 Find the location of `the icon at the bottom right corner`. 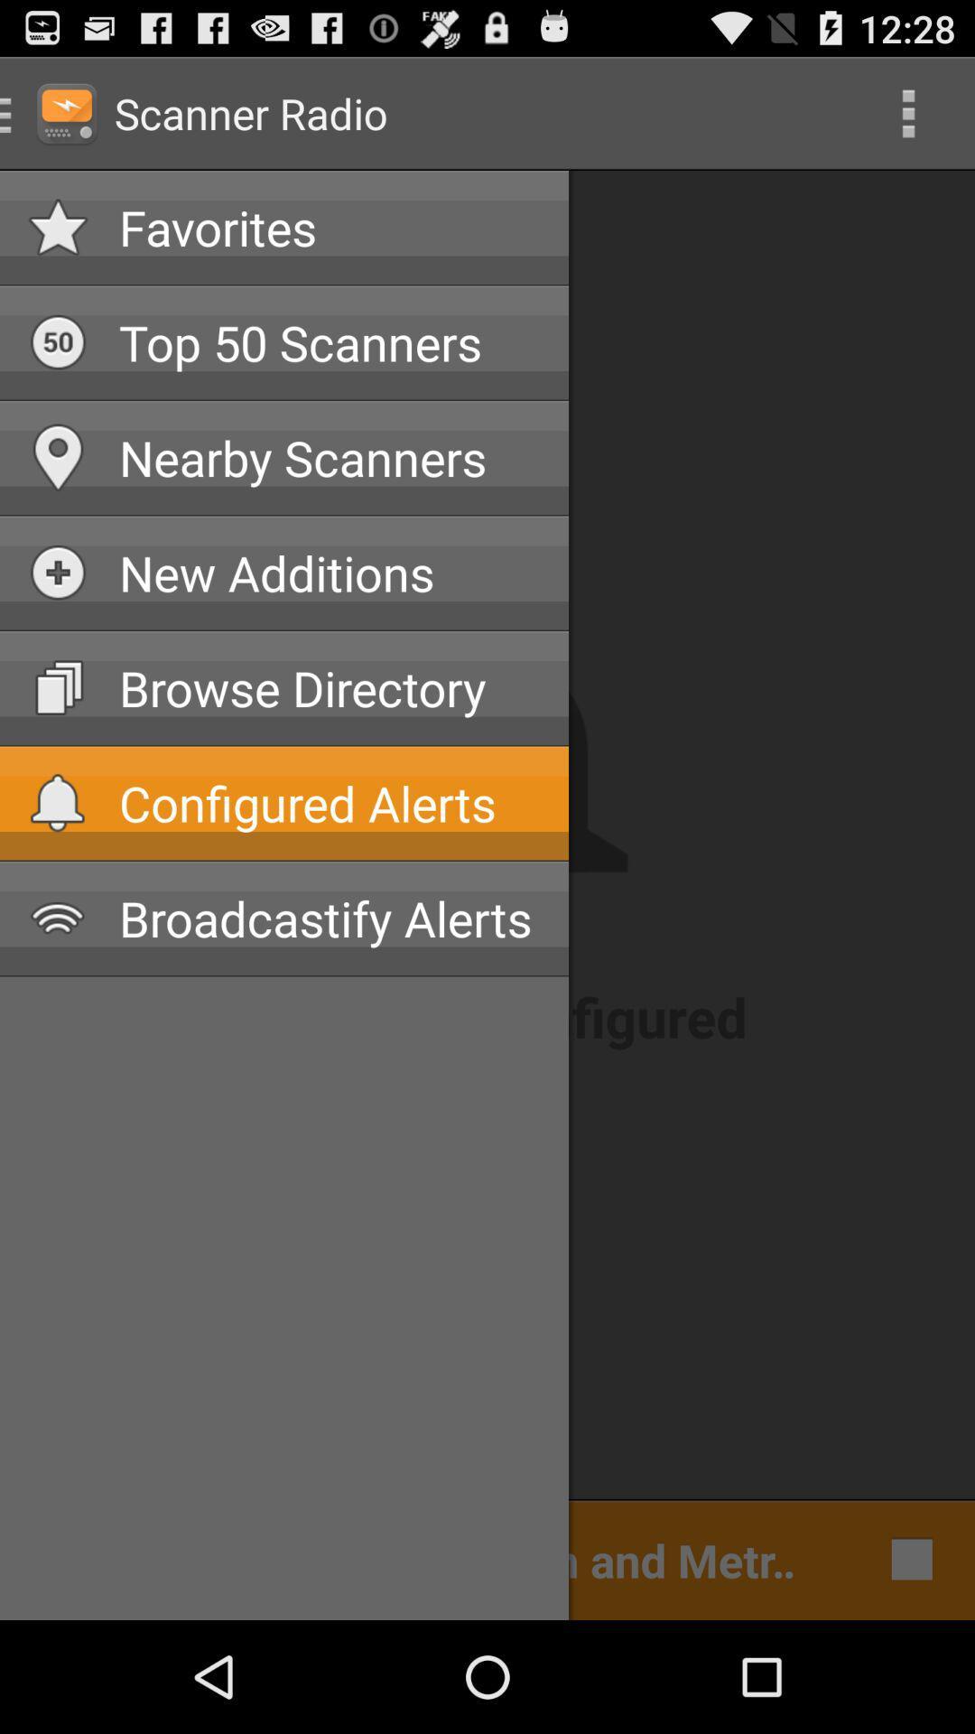

the icon at the bottom right corner is located at coordinates (907, 1558).